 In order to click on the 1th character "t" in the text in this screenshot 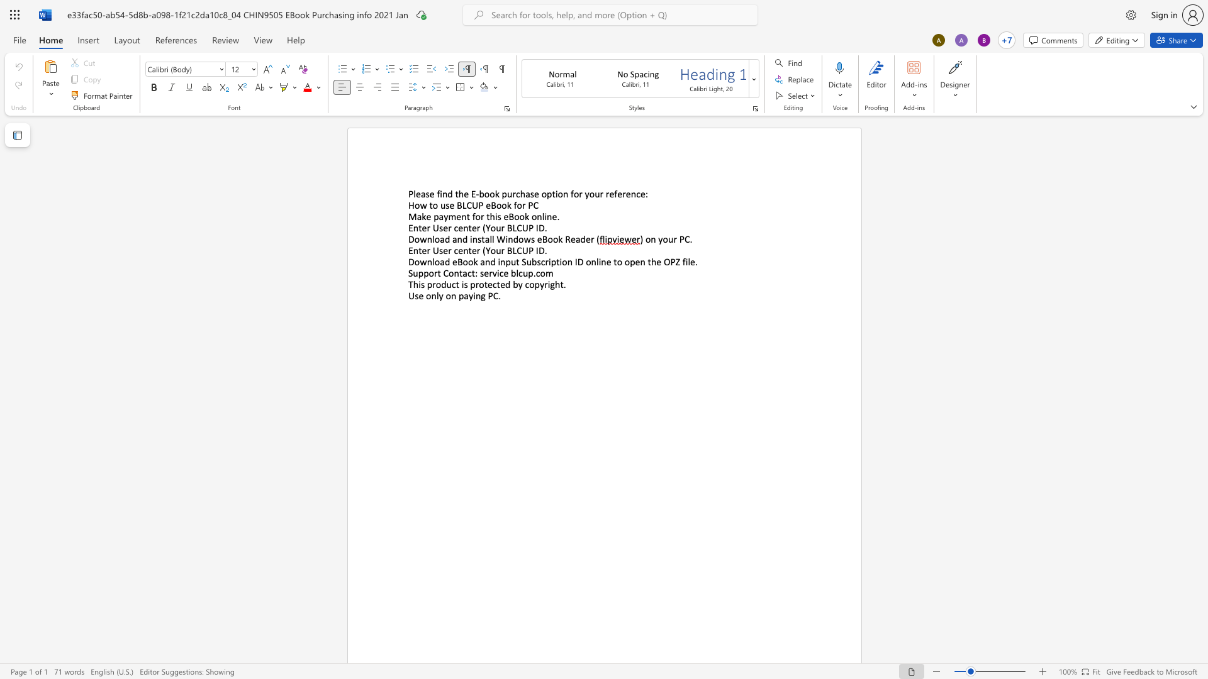, I will do `click(518, 261)`.